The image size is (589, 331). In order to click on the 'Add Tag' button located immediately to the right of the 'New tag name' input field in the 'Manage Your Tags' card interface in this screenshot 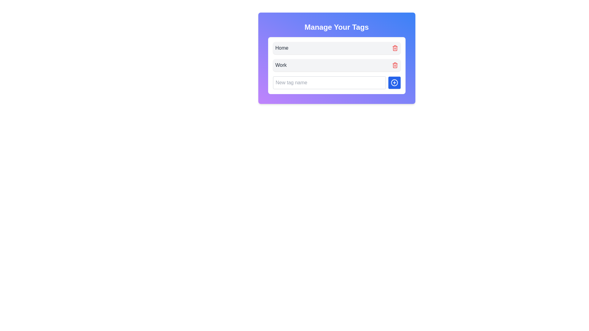, I will do `click(394, 83)`.